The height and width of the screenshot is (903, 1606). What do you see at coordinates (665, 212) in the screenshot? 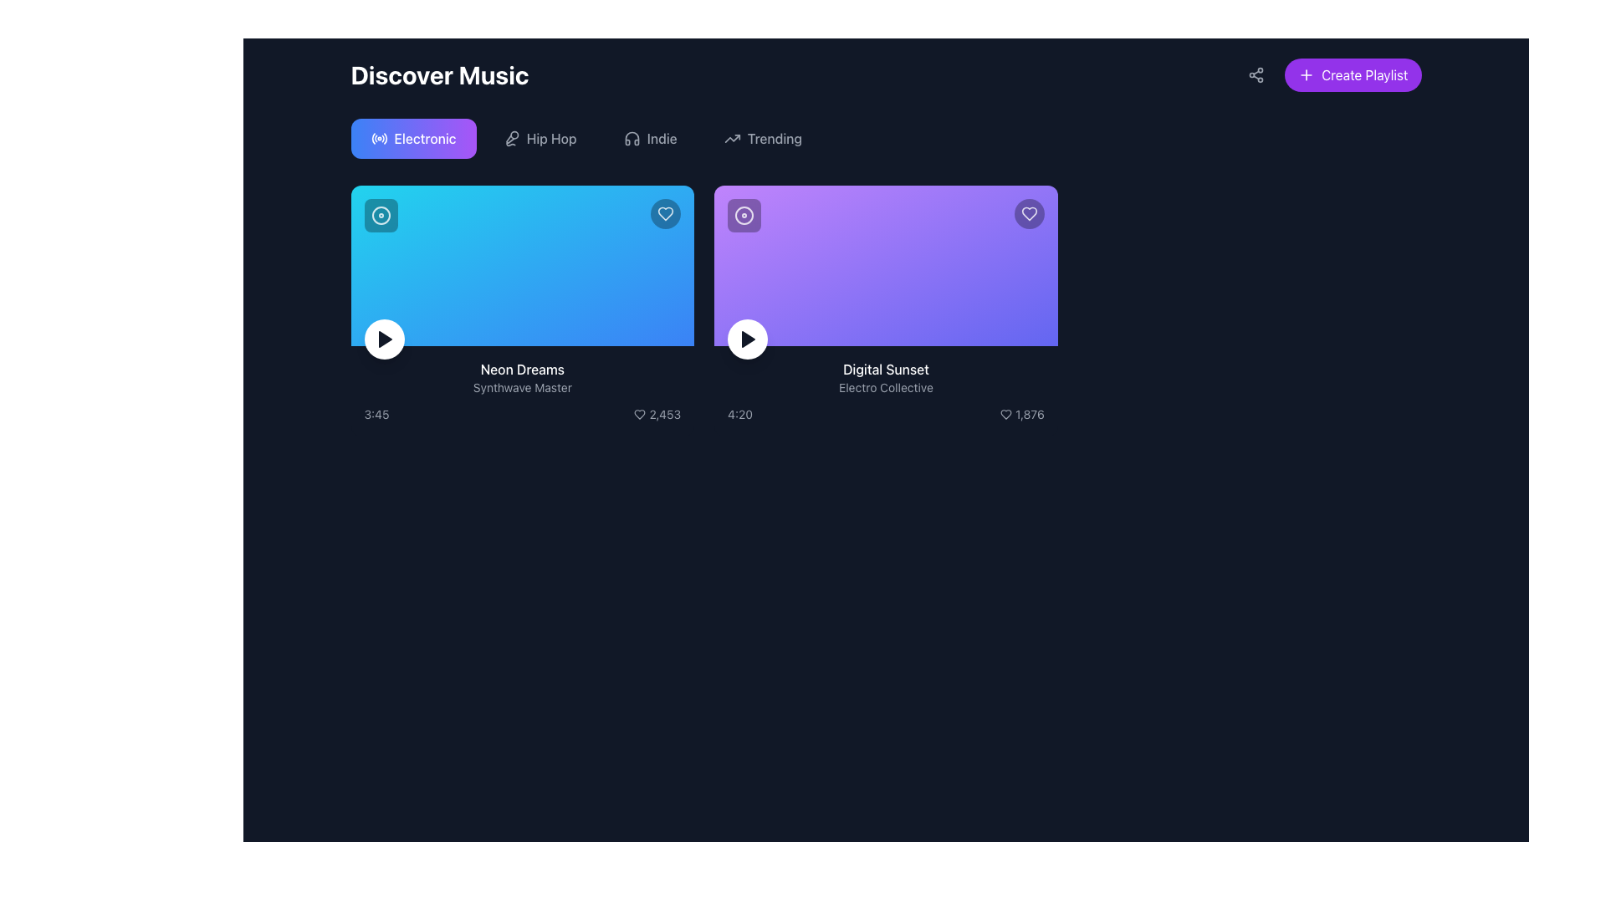
I see `the heart-shaped icon` at bounding box center [665, 212].